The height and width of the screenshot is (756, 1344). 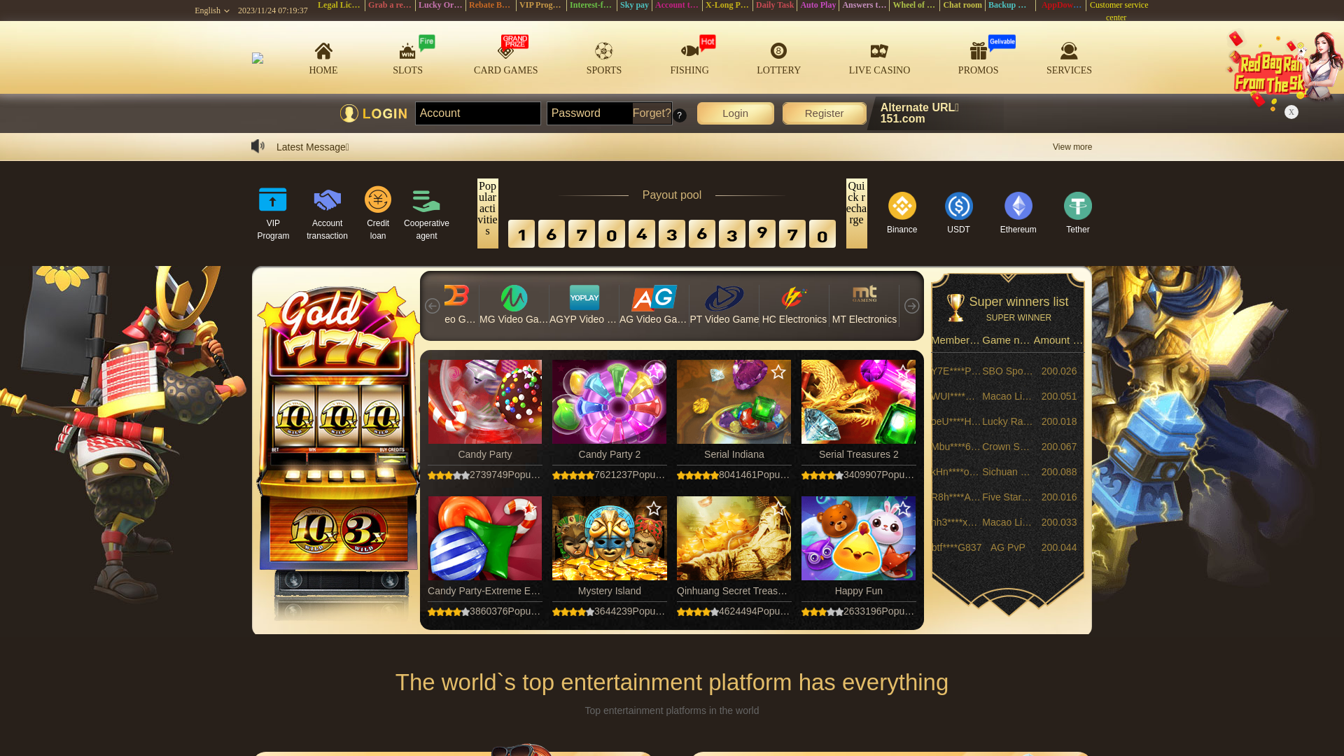 What do you see at coordinates (1117, 10) in the screenshot?
I see `'Customer service center'` at bounding box center [1117, 10].